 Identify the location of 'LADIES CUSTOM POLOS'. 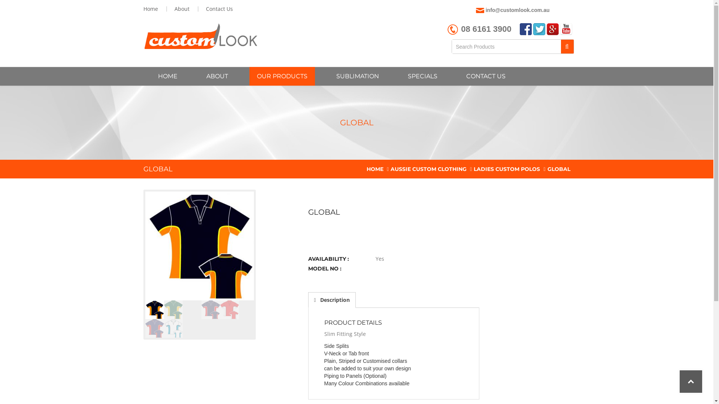
(507, 169).